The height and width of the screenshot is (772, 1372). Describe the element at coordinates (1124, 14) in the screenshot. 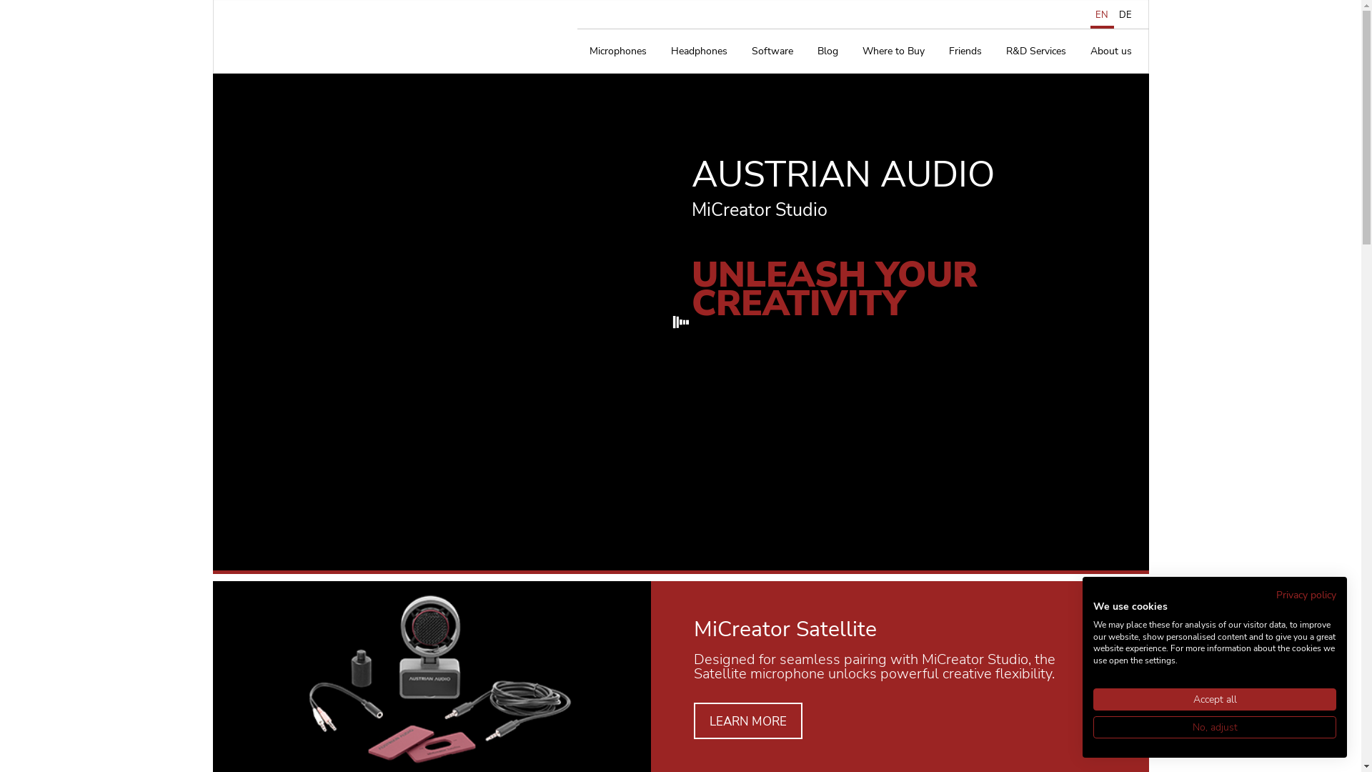

I see `'DE'` at that location.